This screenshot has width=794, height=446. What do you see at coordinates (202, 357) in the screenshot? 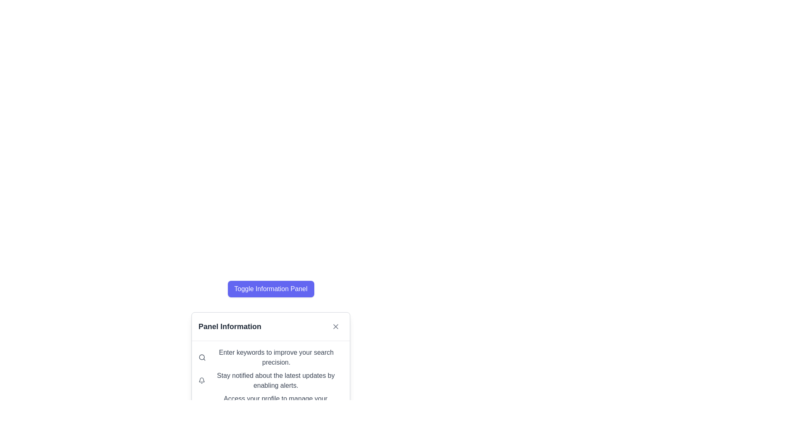
I see `the SVG Circle which represents a search or magnifying feature, visually centered within its icon frame` at bounding box center [202, 357].